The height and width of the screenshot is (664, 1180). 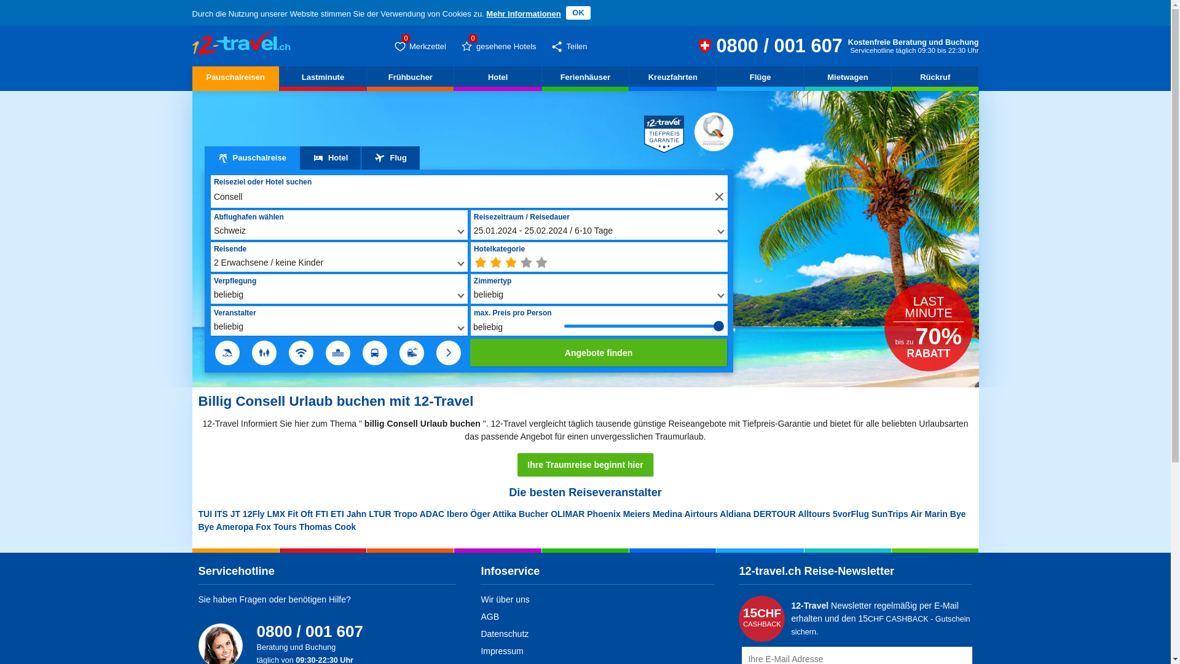 I want to click on 'Billig Consell Urlaub buchen geht nur hier', so click(x=191, y=42).